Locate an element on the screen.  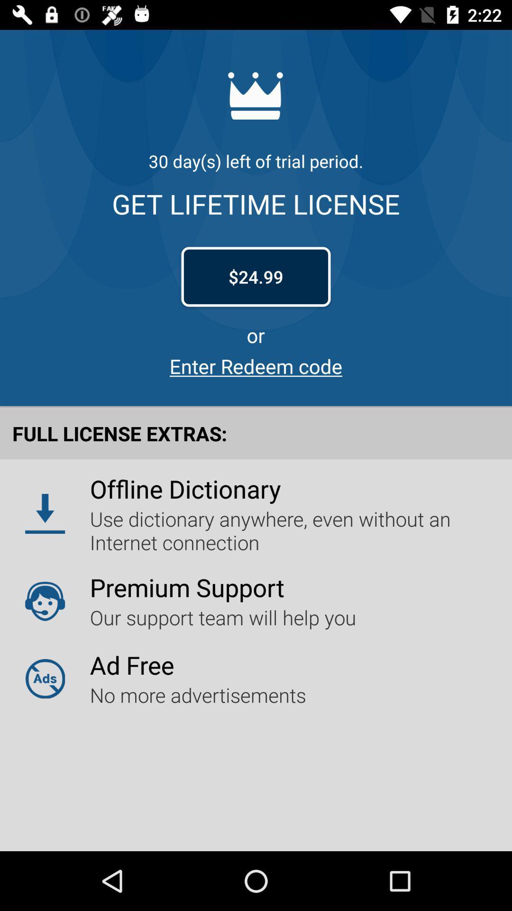
$24.99 icon is located at coordinates (256, 276).